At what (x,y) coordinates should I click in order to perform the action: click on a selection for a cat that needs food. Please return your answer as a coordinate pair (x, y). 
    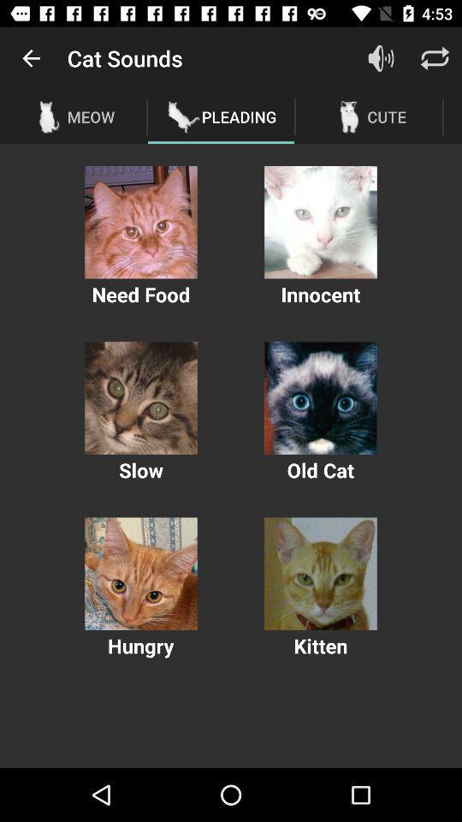
    Looking at the image, I should click on (140, 221).